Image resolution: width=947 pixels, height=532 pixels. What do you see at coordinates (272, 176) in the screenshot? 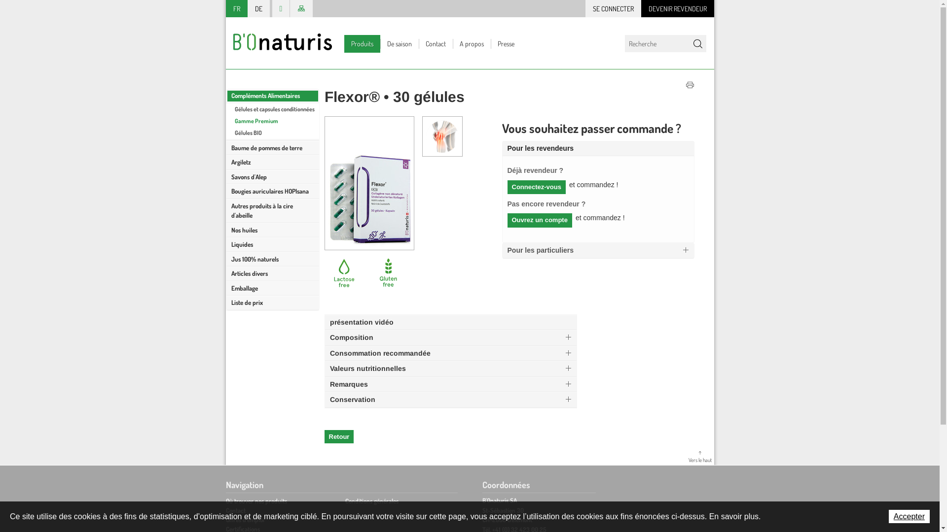
I see `'Savons d'Alep'` at bounding box center [272, 176].